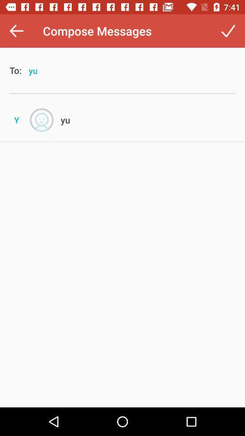  What do you see at coordinates (228, 31) in the screenshot?
I see `icon above yu icon` at bounding box center [228, 31].